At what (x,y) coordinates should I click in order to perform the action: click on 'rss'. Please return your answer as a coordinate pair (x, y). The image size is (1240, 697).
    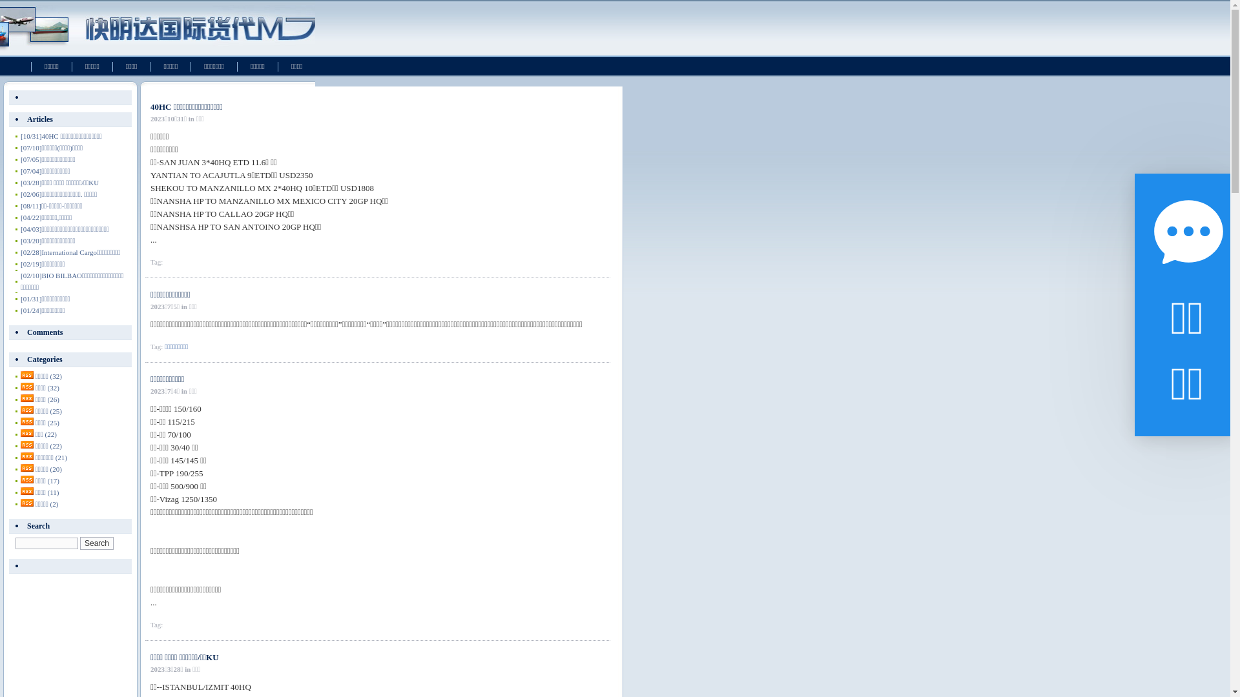
    Looking at the image, I should click on (27, 421).